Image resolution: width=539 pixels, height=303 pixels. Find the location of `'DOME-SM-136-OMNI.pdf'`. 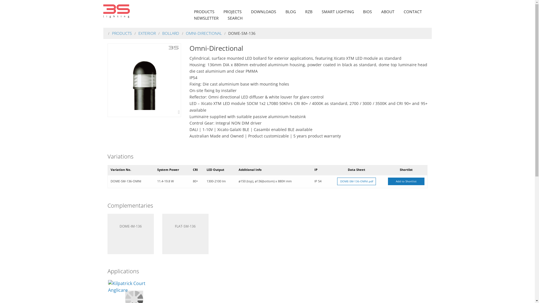

'DOME-SM-136-OMNI.pdf' is located at coordinates (356, 182).